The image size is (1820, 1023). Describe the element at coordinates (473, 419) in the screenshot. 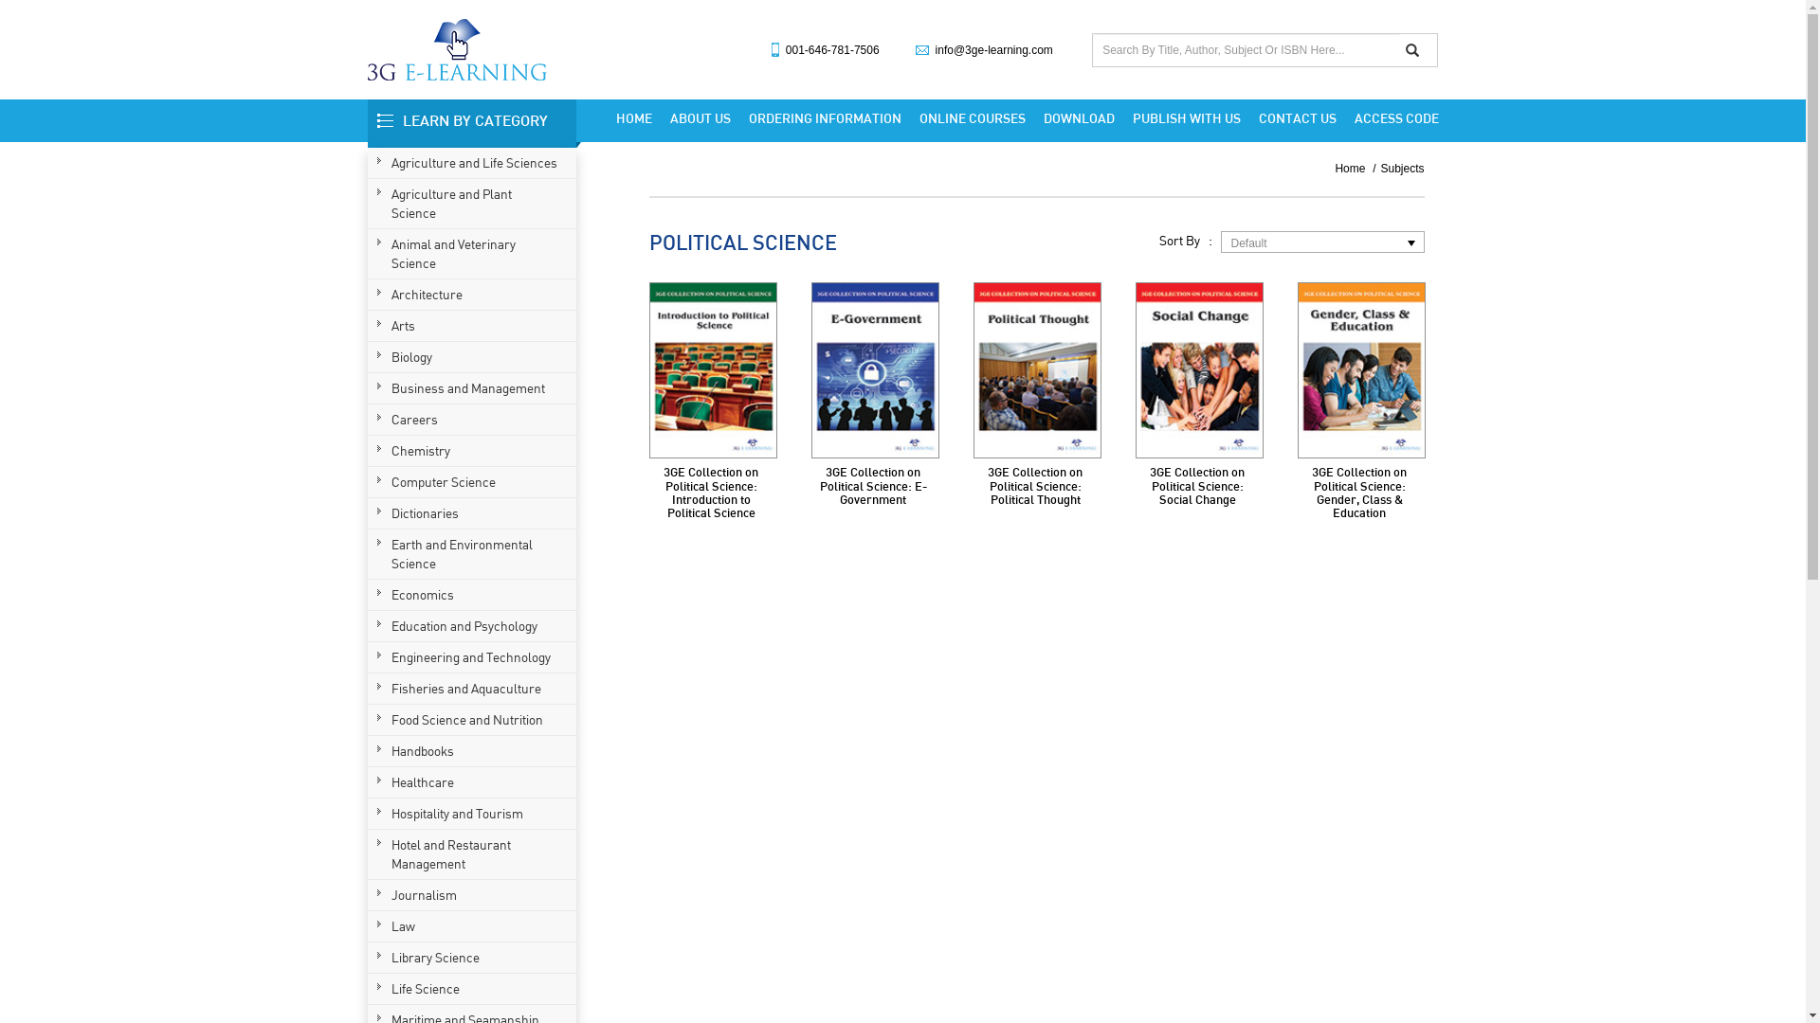

I see `'Careers'` at that location.